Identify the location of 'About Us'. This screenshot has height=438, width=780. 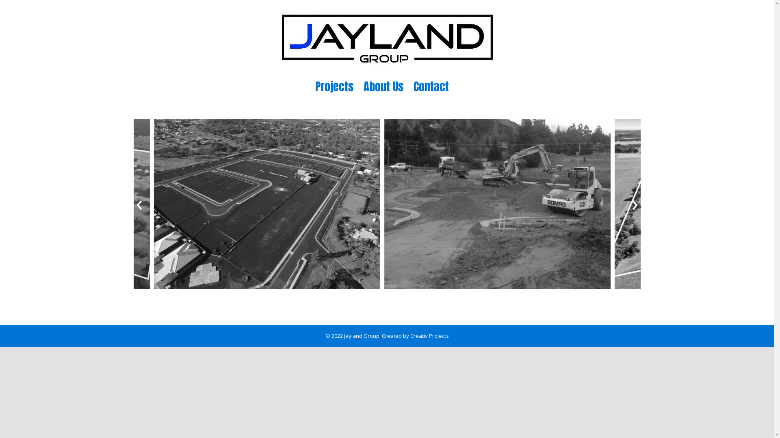
(362, 86).